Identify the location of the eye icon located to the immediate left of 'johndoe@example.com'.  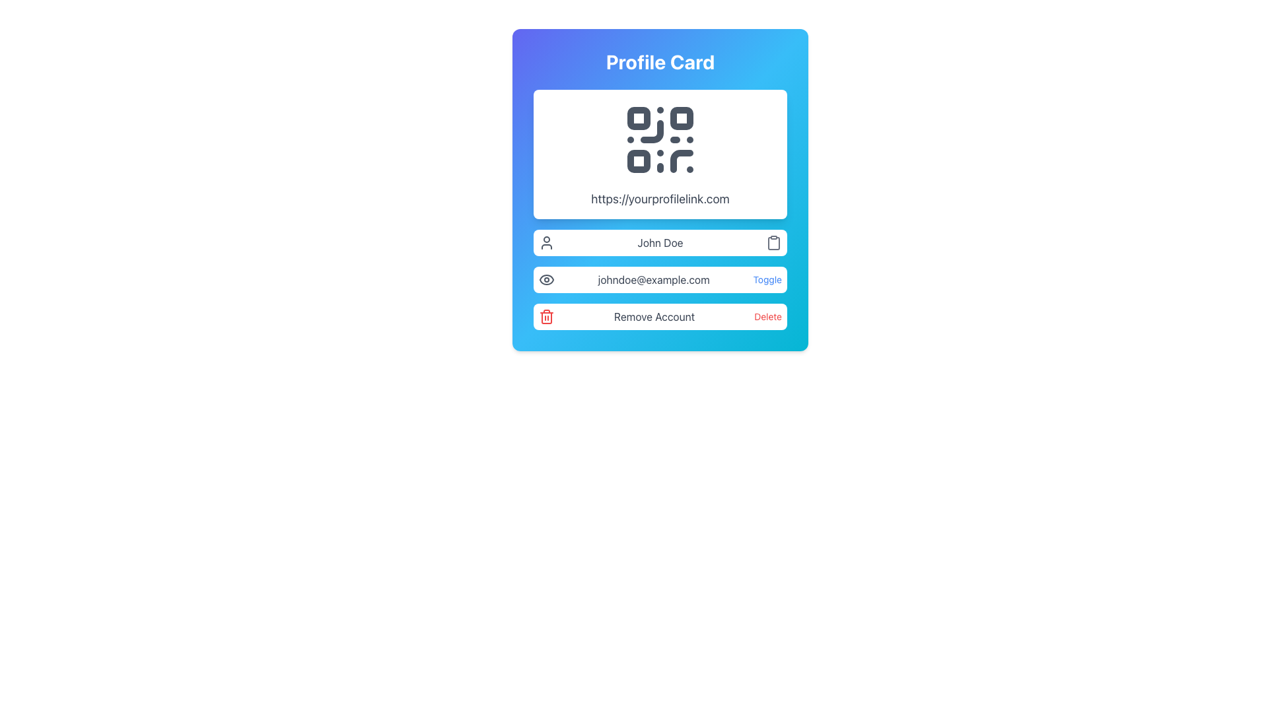
(547, 279).